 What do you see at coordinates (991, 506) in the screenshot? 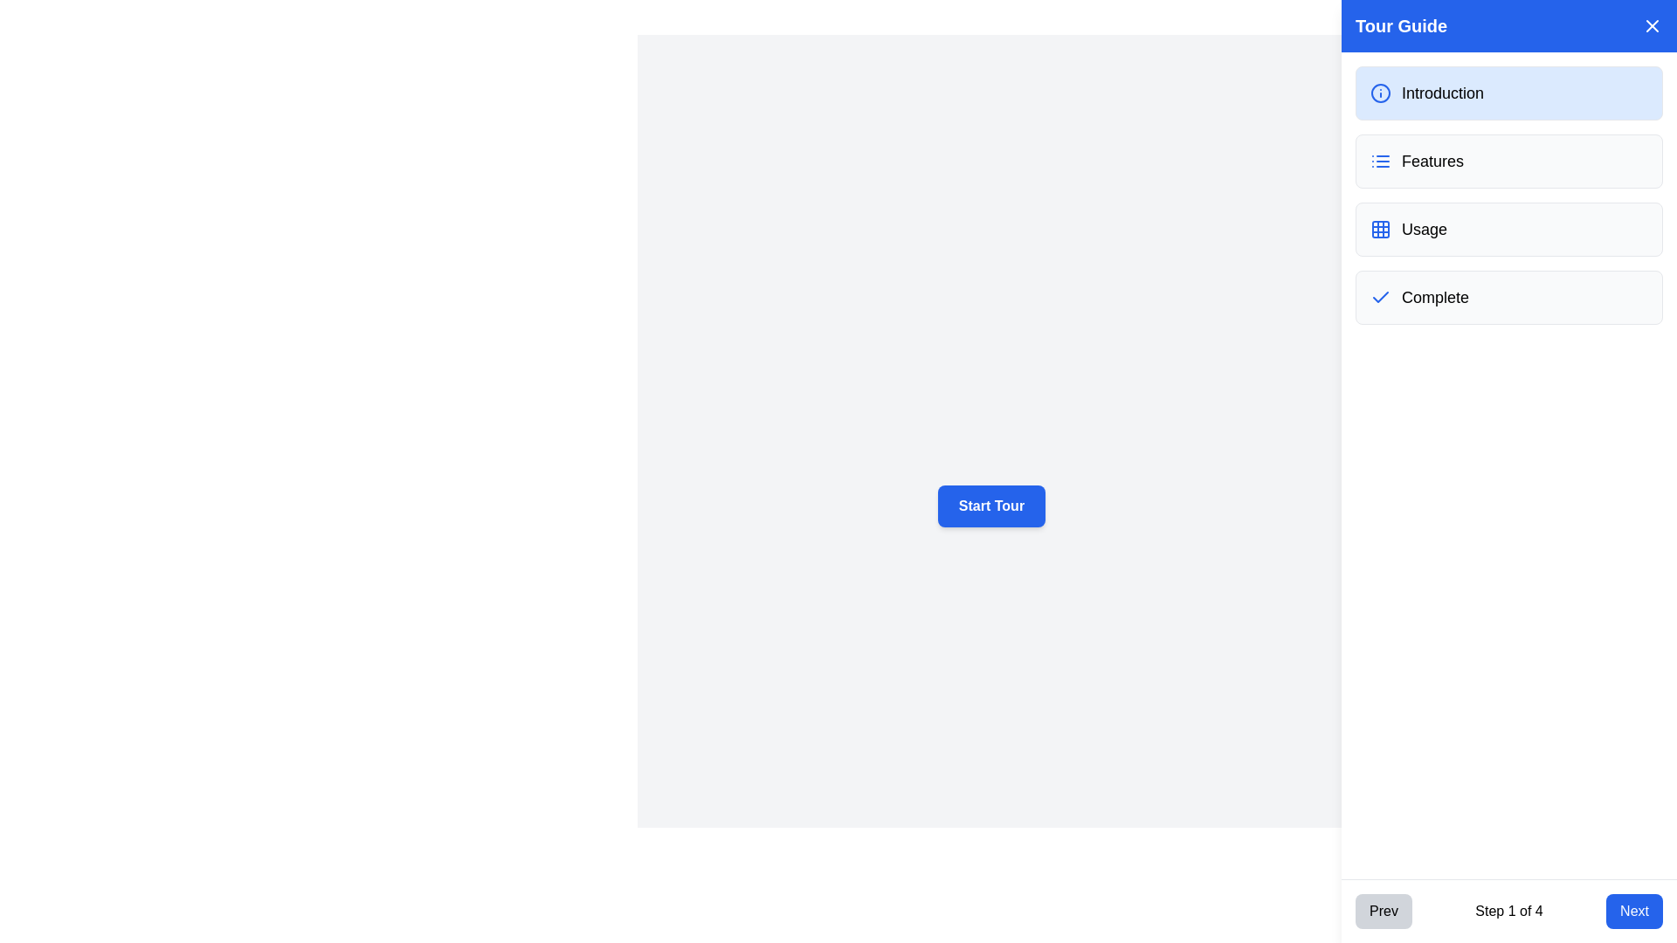
I see `the 'Start Tour' button, which is a rectangular button with a blue background and white bold text, to initiate the tour` at bounding box center [991, 506].